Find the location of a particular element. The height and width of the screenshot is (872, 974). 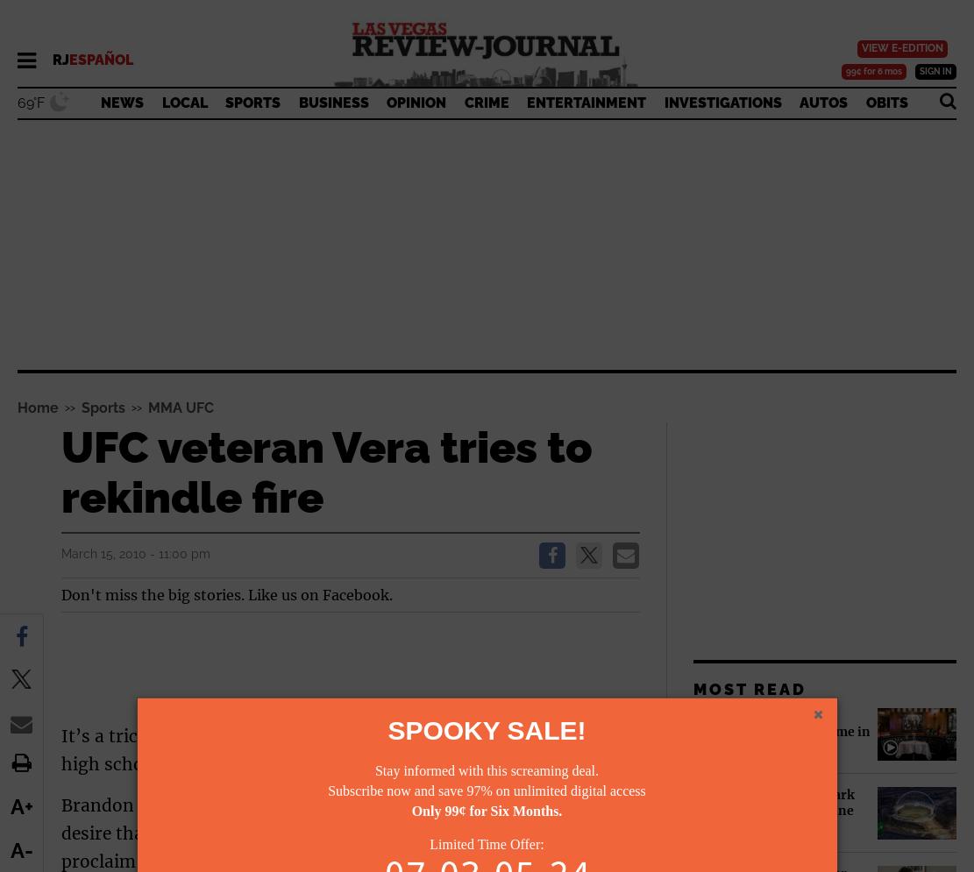

'ESPAÑOL' is located at coordinates (100, 59).